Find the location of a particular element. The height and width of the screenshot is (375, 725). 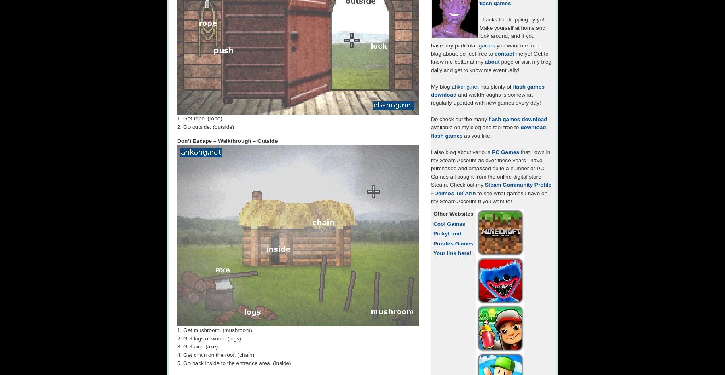

'contact' is located at coordinates (504, 53).